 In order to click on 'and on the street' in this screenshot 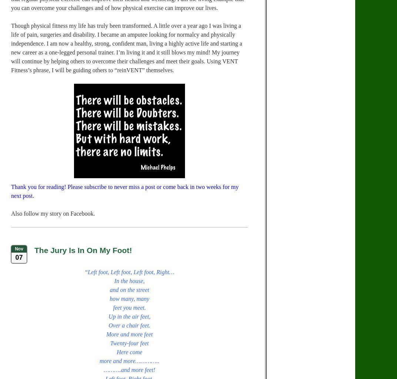, I will do `click(129, 289)`.